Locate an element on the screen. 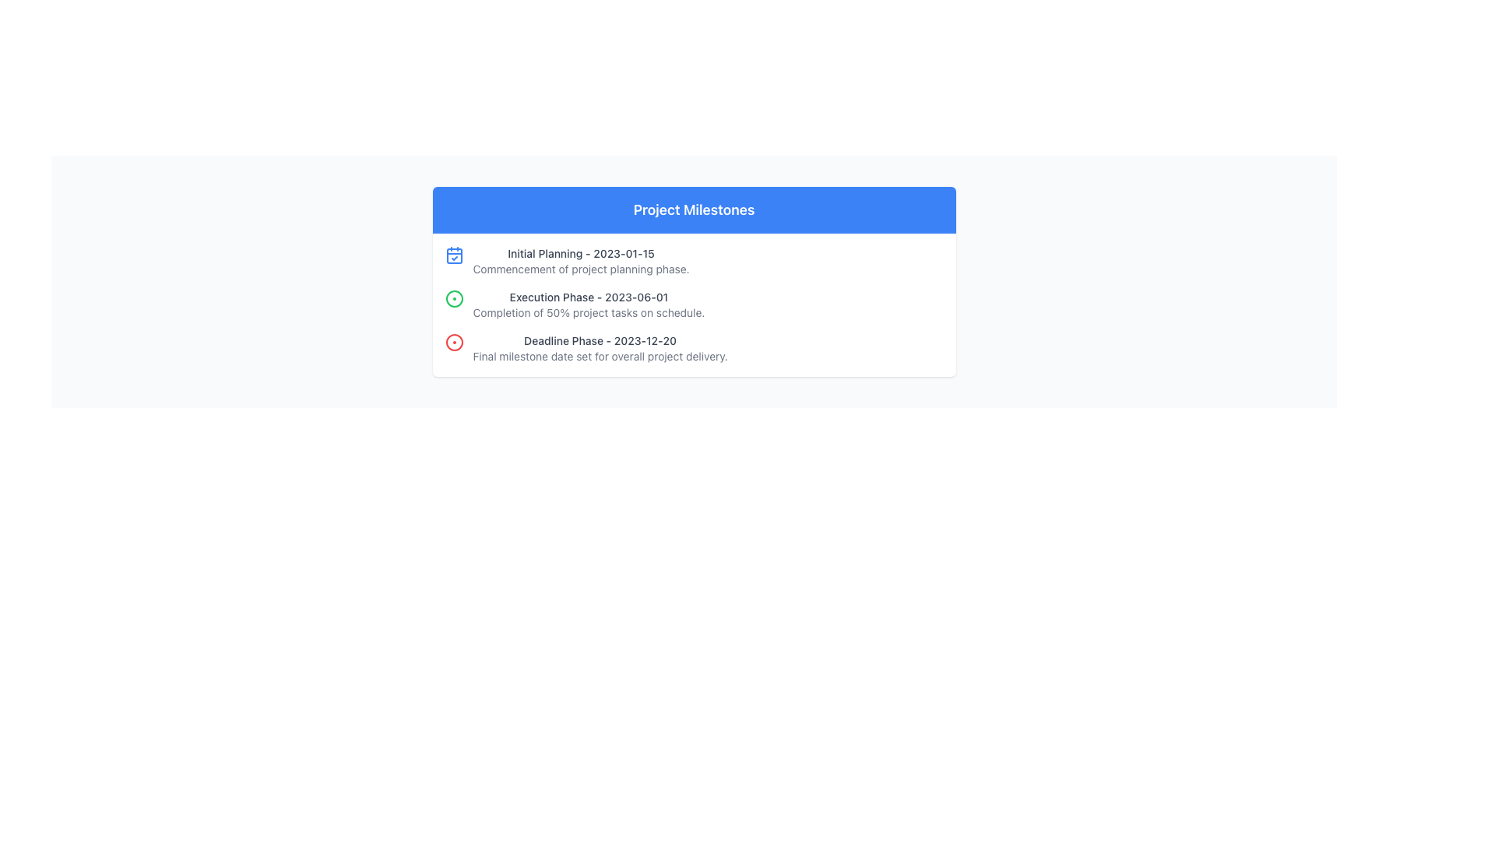  the milestone icon that signifies 'Initial Planning' which is successfully completed, located to the left of the 'Initial Planning - 2023-01-15' text is located at coordinates (453, 254).